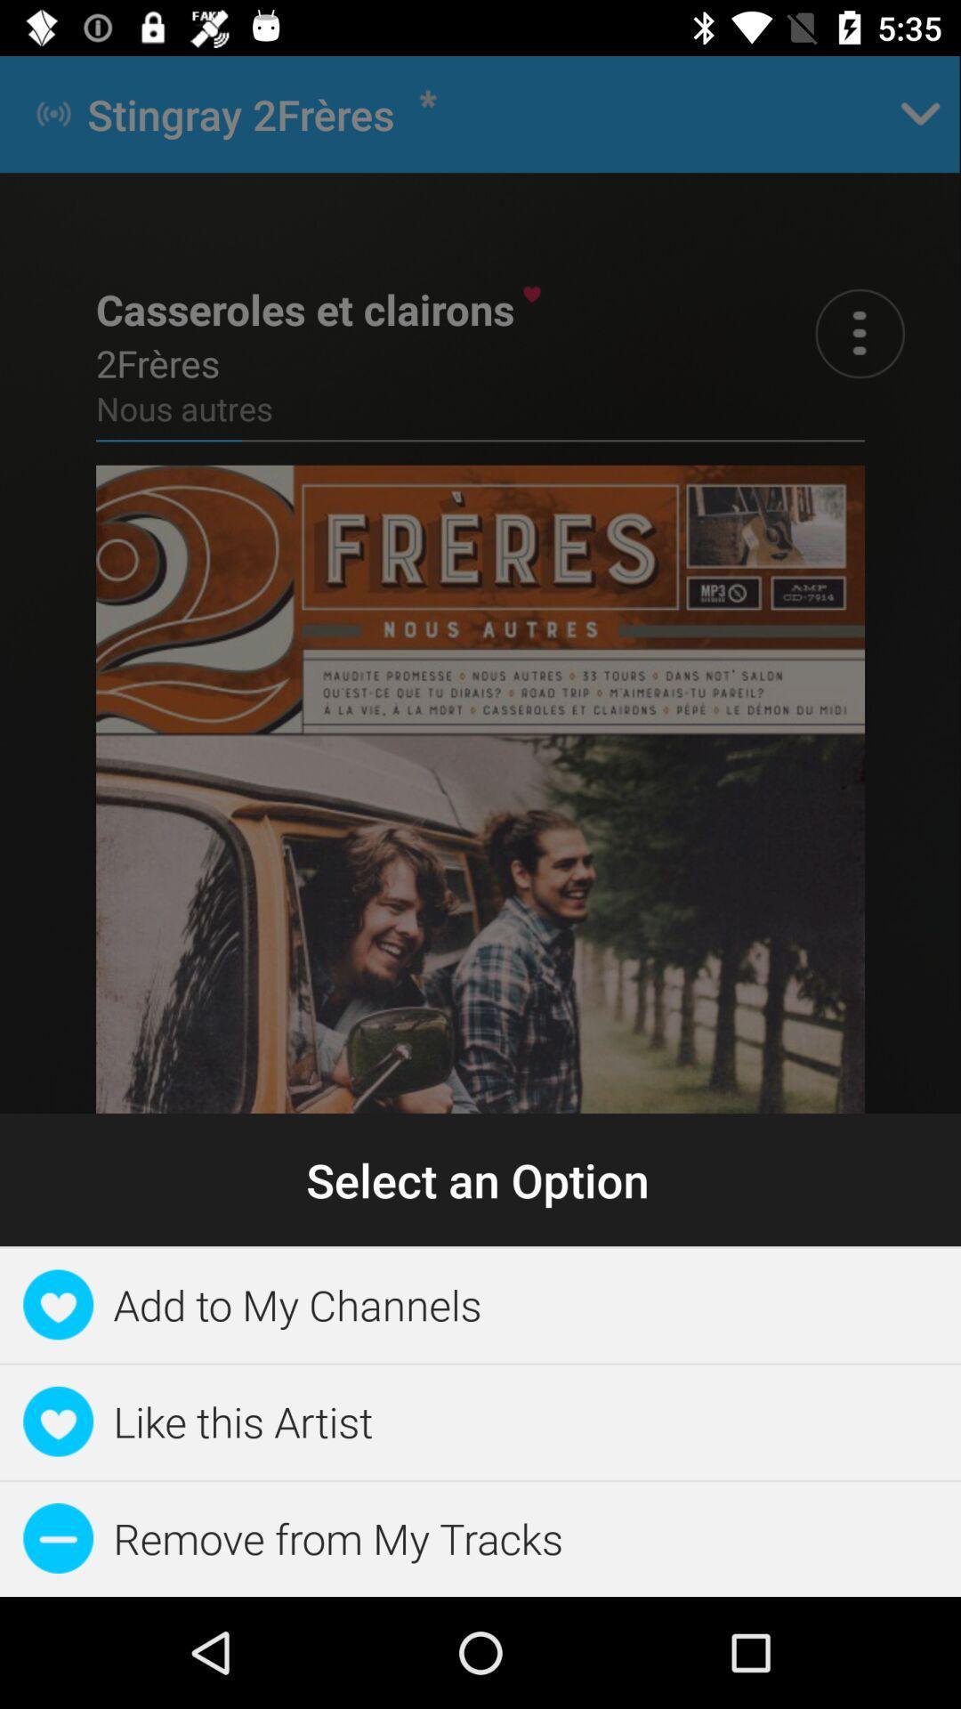  Describe the element at coordinates (95, 1357) in the screenshot. I see `the favorite icon` at that location.